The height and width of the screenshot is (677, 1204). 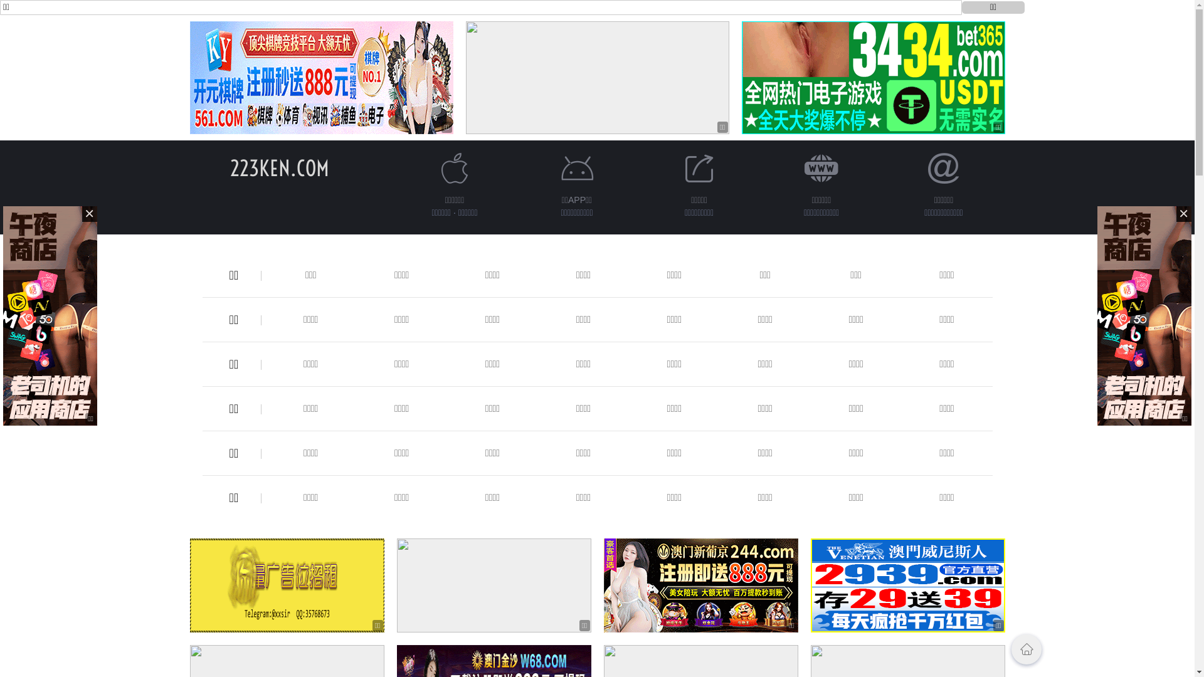 I want to click on '223KEN.COM', so click(x=278, y=167).